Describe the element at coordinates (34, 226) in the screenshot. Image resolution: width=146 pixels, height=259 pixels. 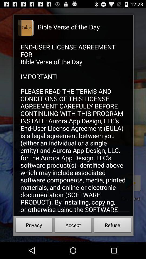
I see `app below end user license app` at that location.